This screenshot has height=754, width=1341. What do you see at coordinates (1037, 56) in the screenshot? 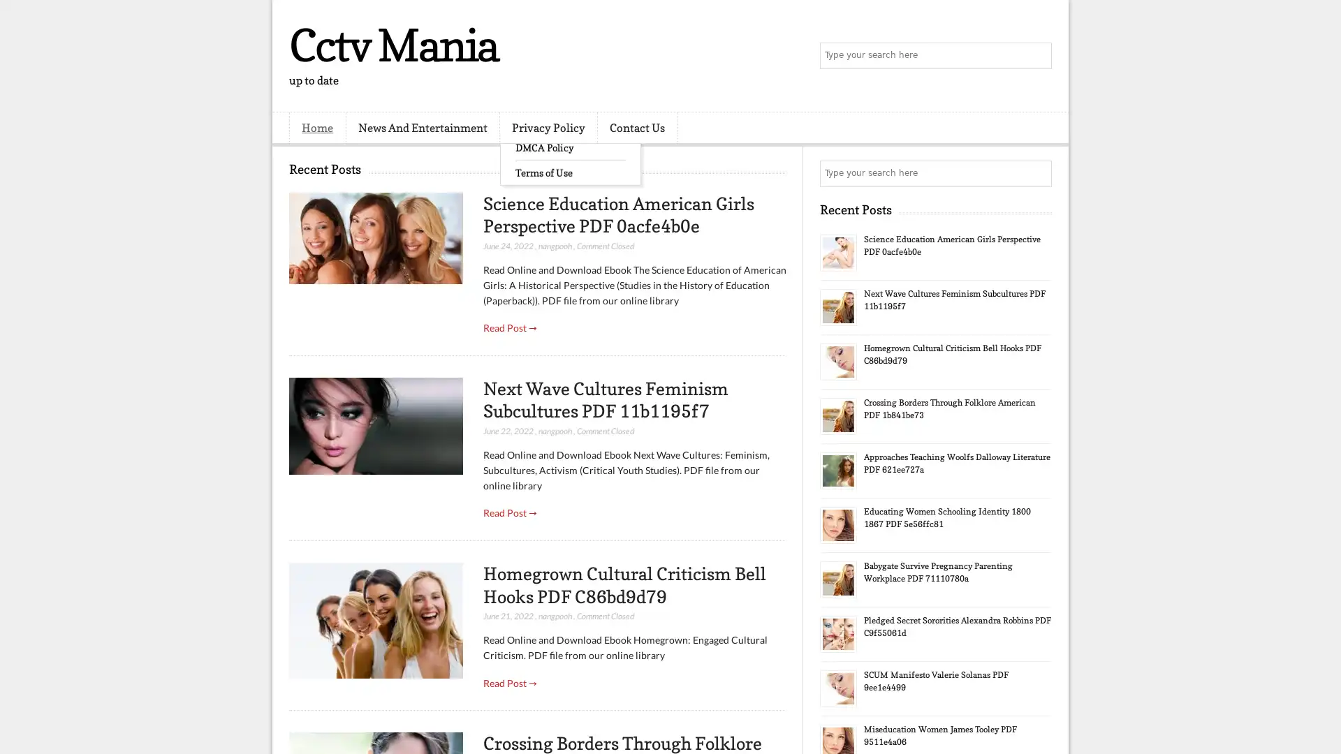
I see `Search` at bounding box center [1037, 56].